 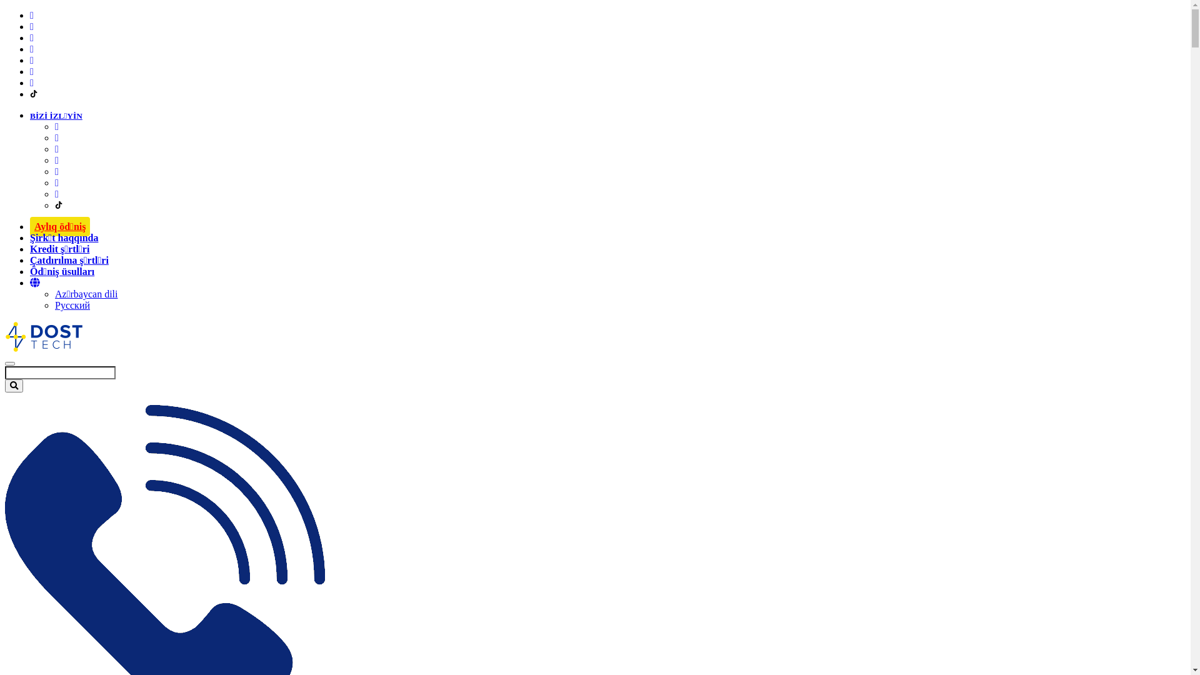 What do you see at coordinates (32, 15) in the screenshot?
I see `'Facebook'` at bounding box center [32, 15].